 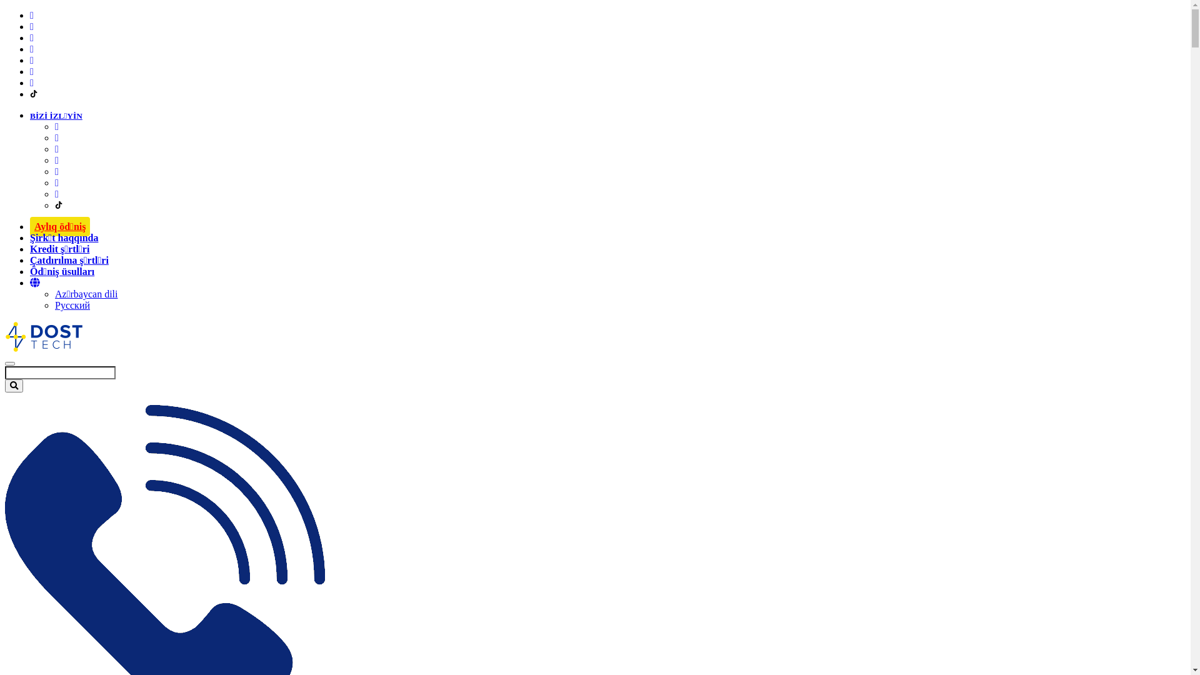 What do you see at coordinates (32, 15) in the screenshot?
I see `'Facebook'` at bounding box center [32, 15].